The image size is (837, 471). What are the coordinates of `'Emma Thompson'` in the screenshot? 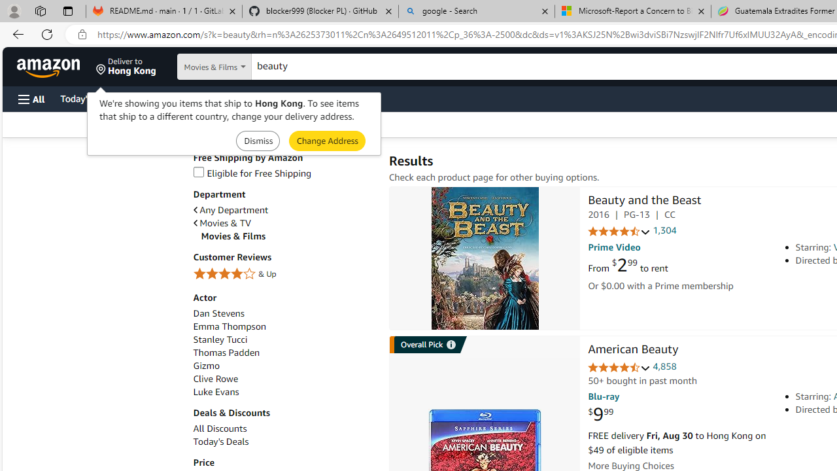 It's located at (283, 326).